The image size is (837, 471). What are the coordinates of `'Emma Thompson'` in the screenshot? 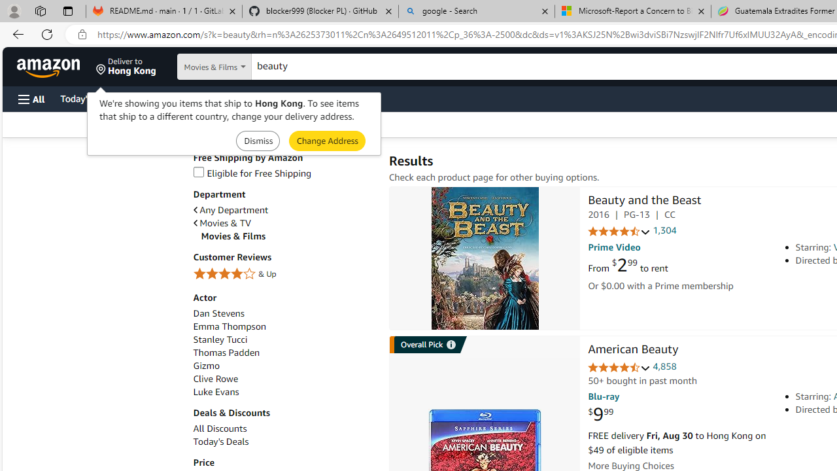 It's located at (283, 326).